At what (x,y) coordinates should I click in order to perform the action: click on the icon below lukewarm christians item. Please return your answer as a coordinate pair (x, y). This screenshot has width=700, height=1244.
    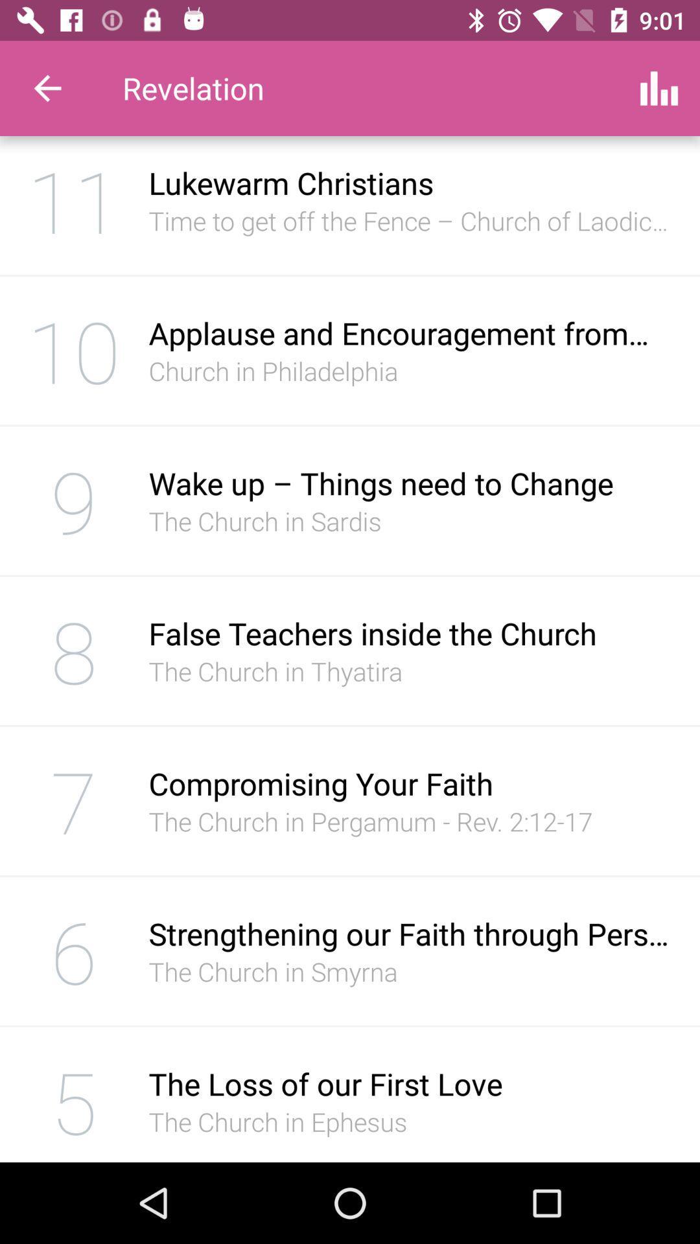
    Looking at the image, I should click on (410, 220).